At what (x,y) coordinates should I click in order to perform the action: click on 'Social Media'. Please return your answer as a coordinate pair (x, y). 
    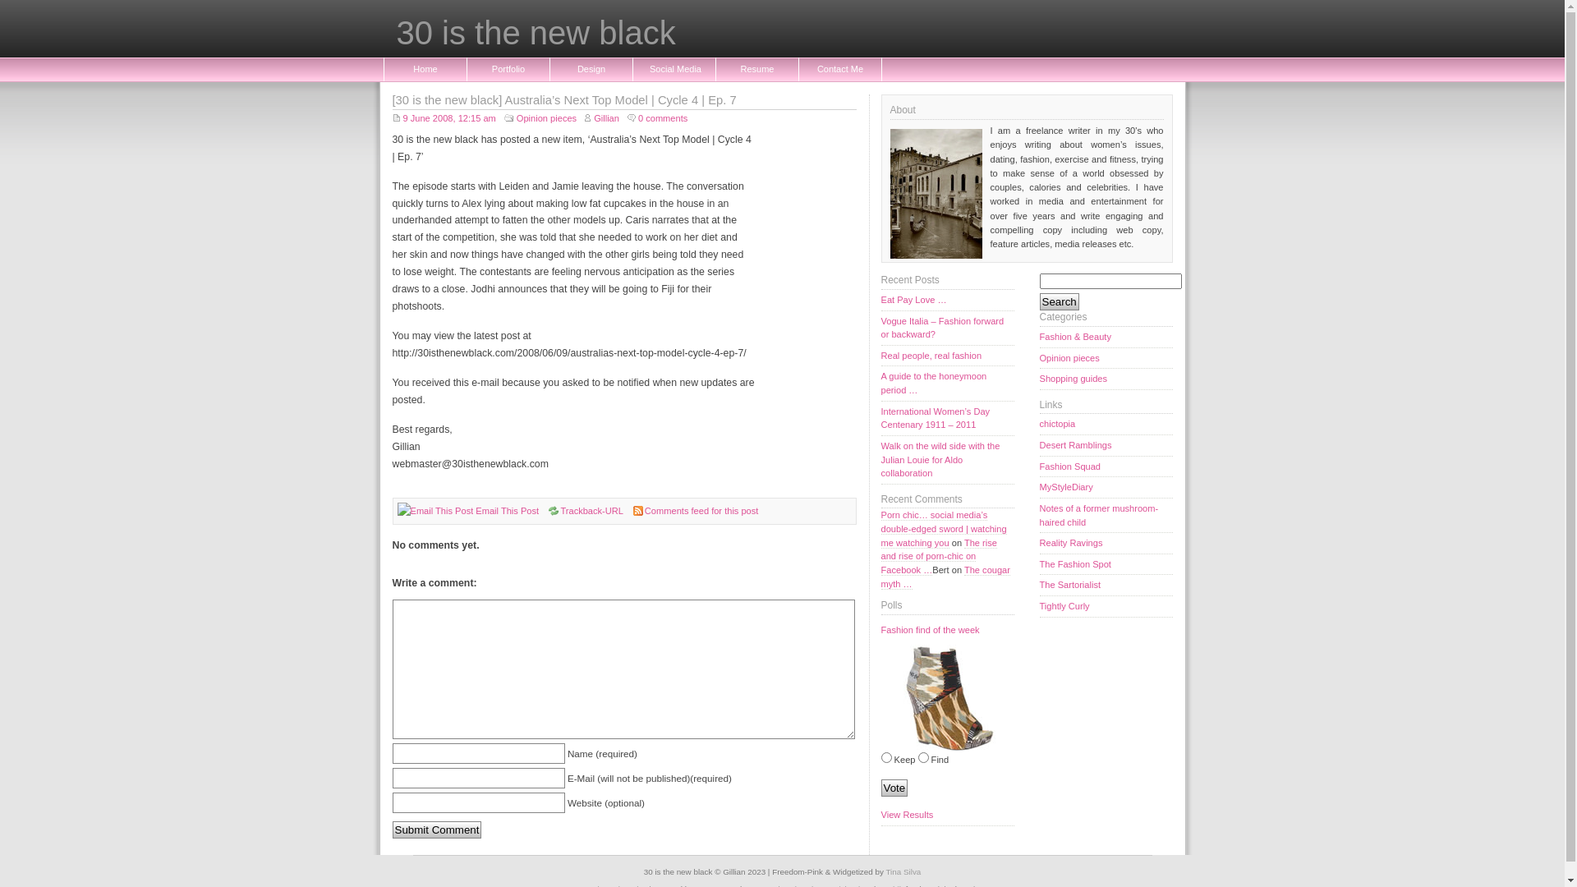
    Looking at the image, I should click on (674, 68).